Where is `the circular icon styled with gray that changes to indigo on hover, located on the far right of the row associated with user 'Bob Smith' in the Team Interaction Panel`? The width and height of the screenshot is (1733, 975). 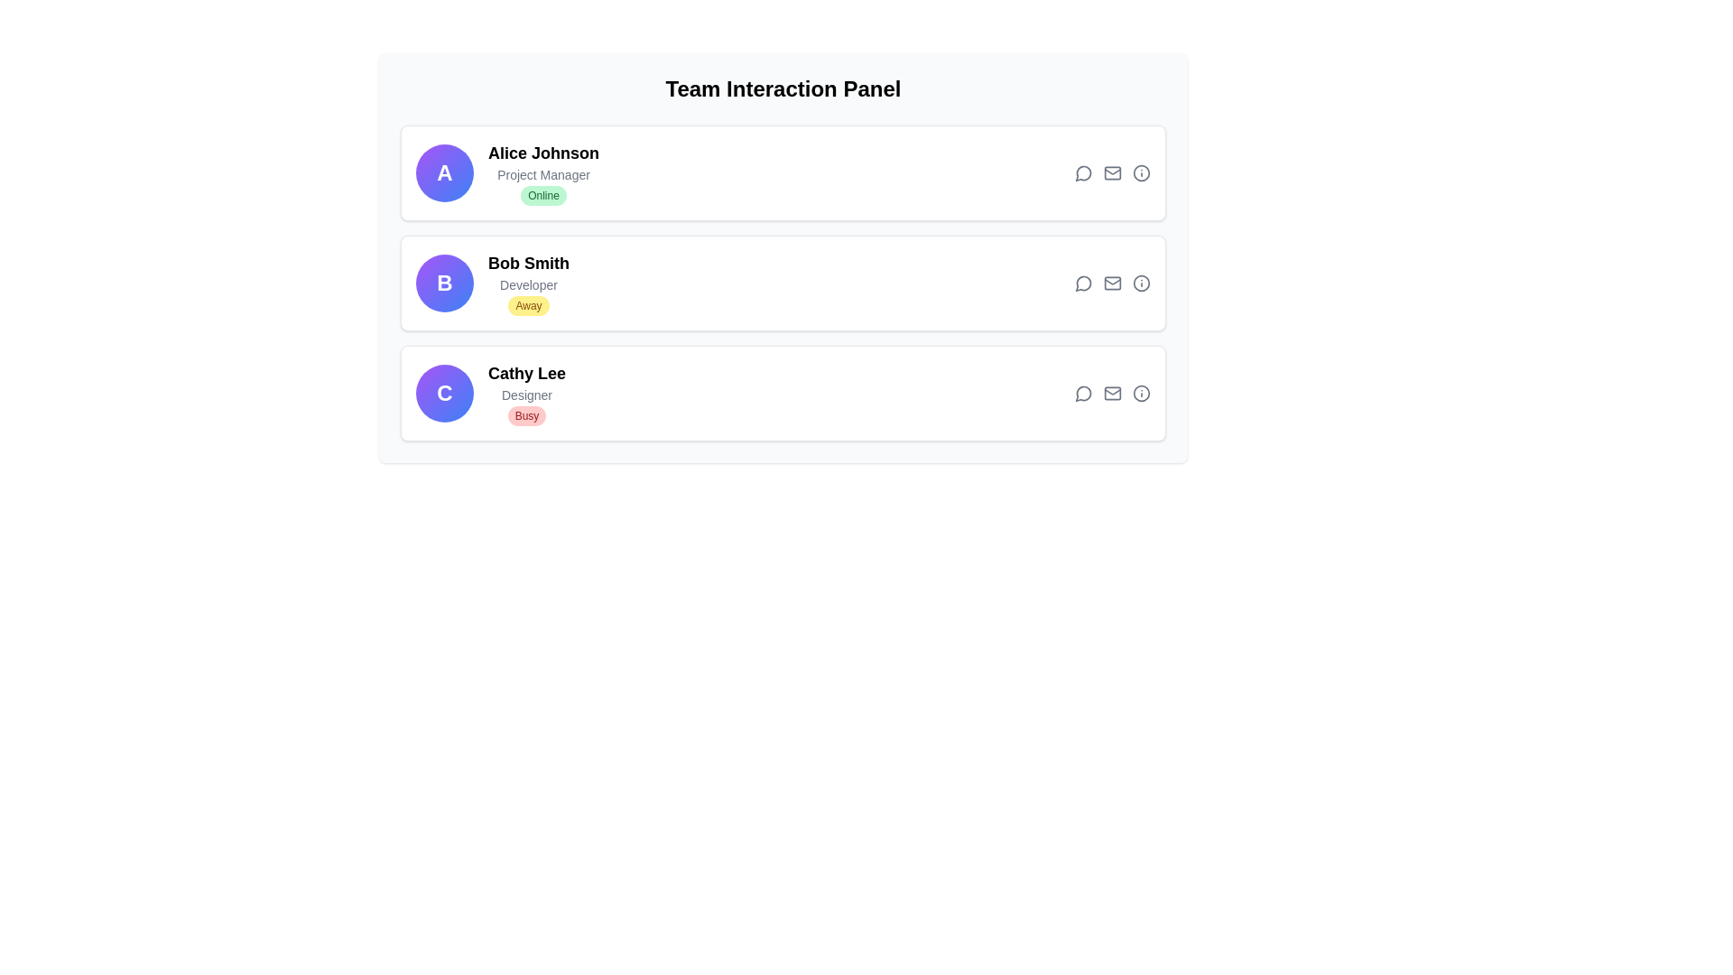
the circular icon styled with gray that changes to indigo on hover, located on the far right of the row associated with user 'Bob Smith' in the Team Interaction Panel is located at coordinates (1141, 283).